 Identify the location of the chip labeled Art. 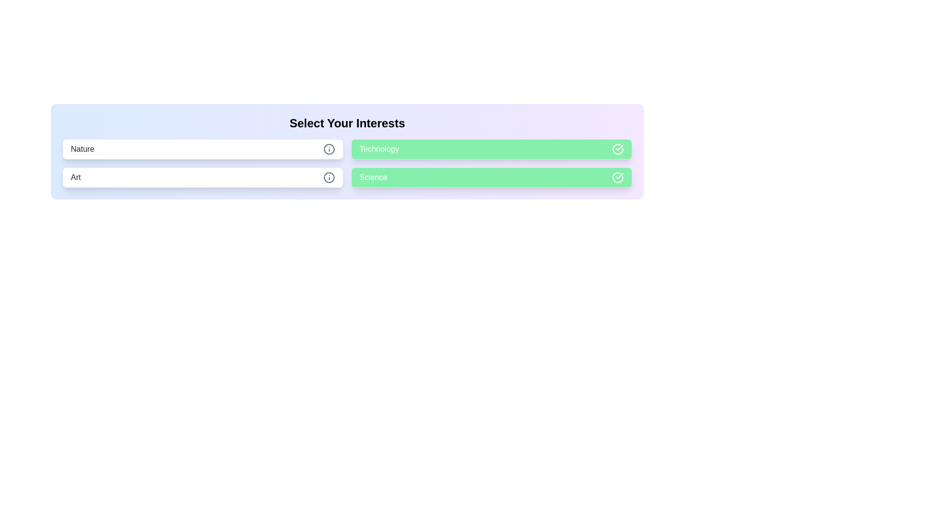
(202, 177).